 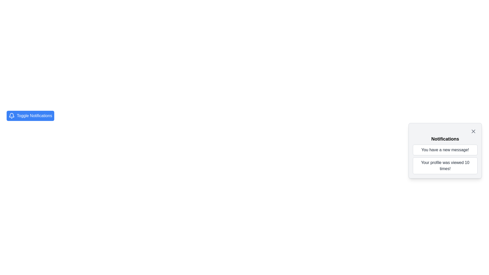 What do you see at coordinates (473, 131) in the screenshot?
I see `the 'X' icon button located at the top-right corner of the notification dialog box` at bounding box center [473, 131].